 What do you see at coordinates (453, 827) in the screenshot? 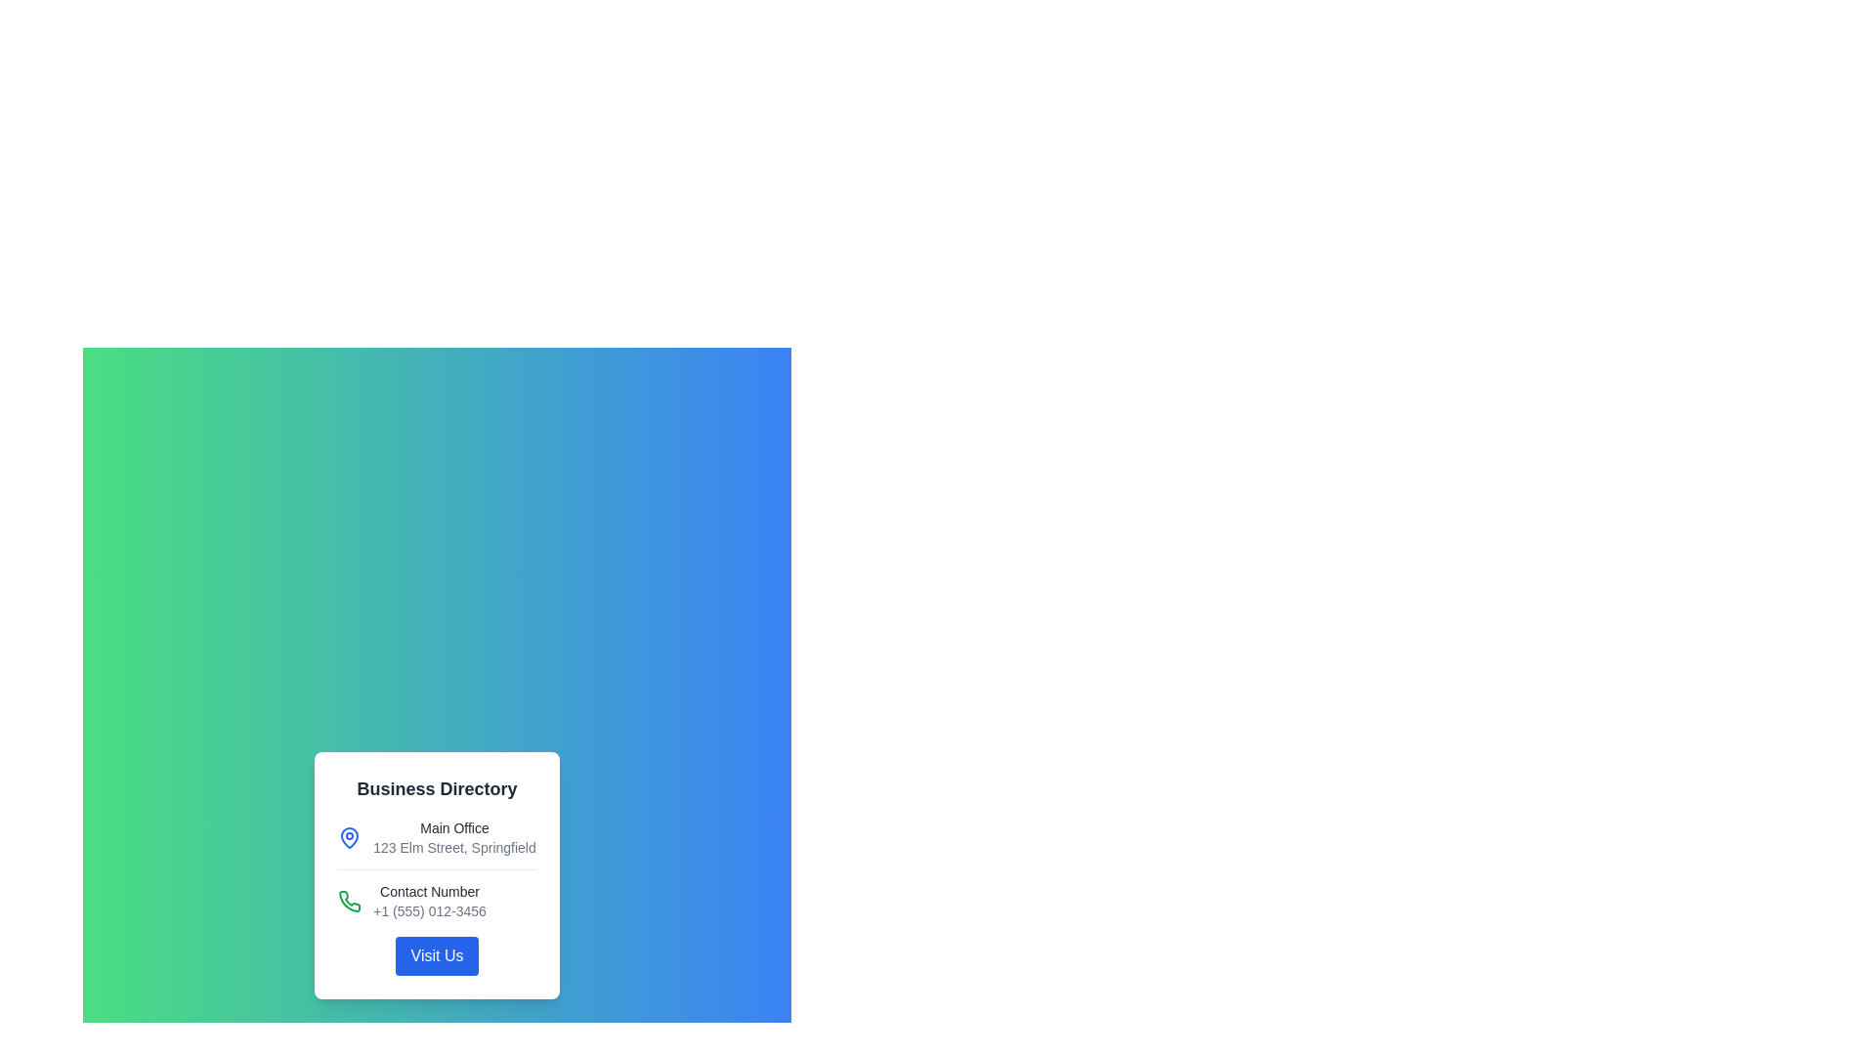
I see `the Static Text indicating the name of a location or office designation in the 'Business Directory' section, which is positioned centrally near the bottom of the dialog box` at bounding box center [453, 827].